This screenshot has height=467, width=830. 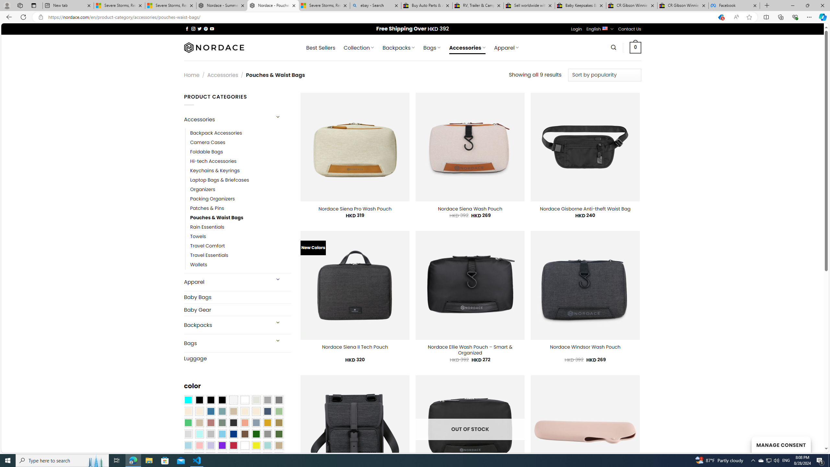 What do you see at coordinates (210, 423) in the screenshot?
I see `'Rose'` at bounding box center [210, 423].